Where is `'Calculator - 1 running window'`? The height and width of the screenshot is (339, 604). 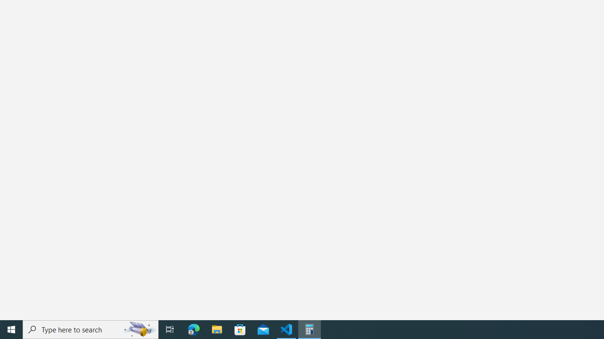 'Calculator - 1 running window' is located at coordinates (310, 329).